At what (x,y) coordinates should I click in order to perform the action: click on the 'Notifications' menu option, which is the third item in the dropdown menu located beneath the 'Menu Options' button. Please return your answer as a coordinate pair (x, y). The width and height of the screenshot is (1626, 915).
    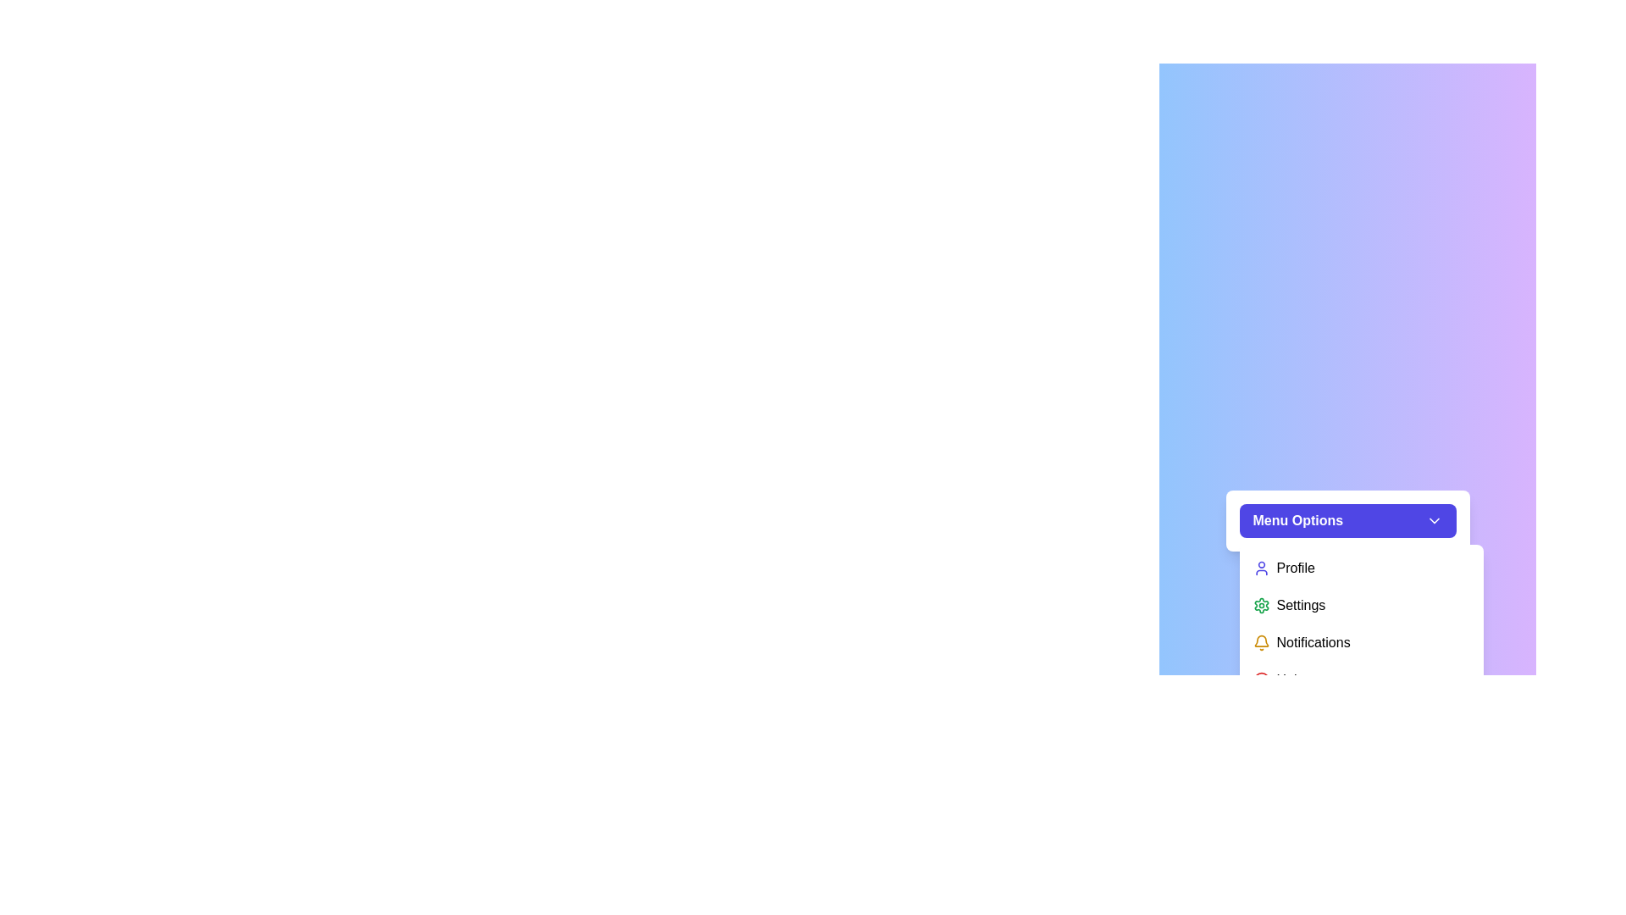
    Looking at the image, I should click on (1361, 624).